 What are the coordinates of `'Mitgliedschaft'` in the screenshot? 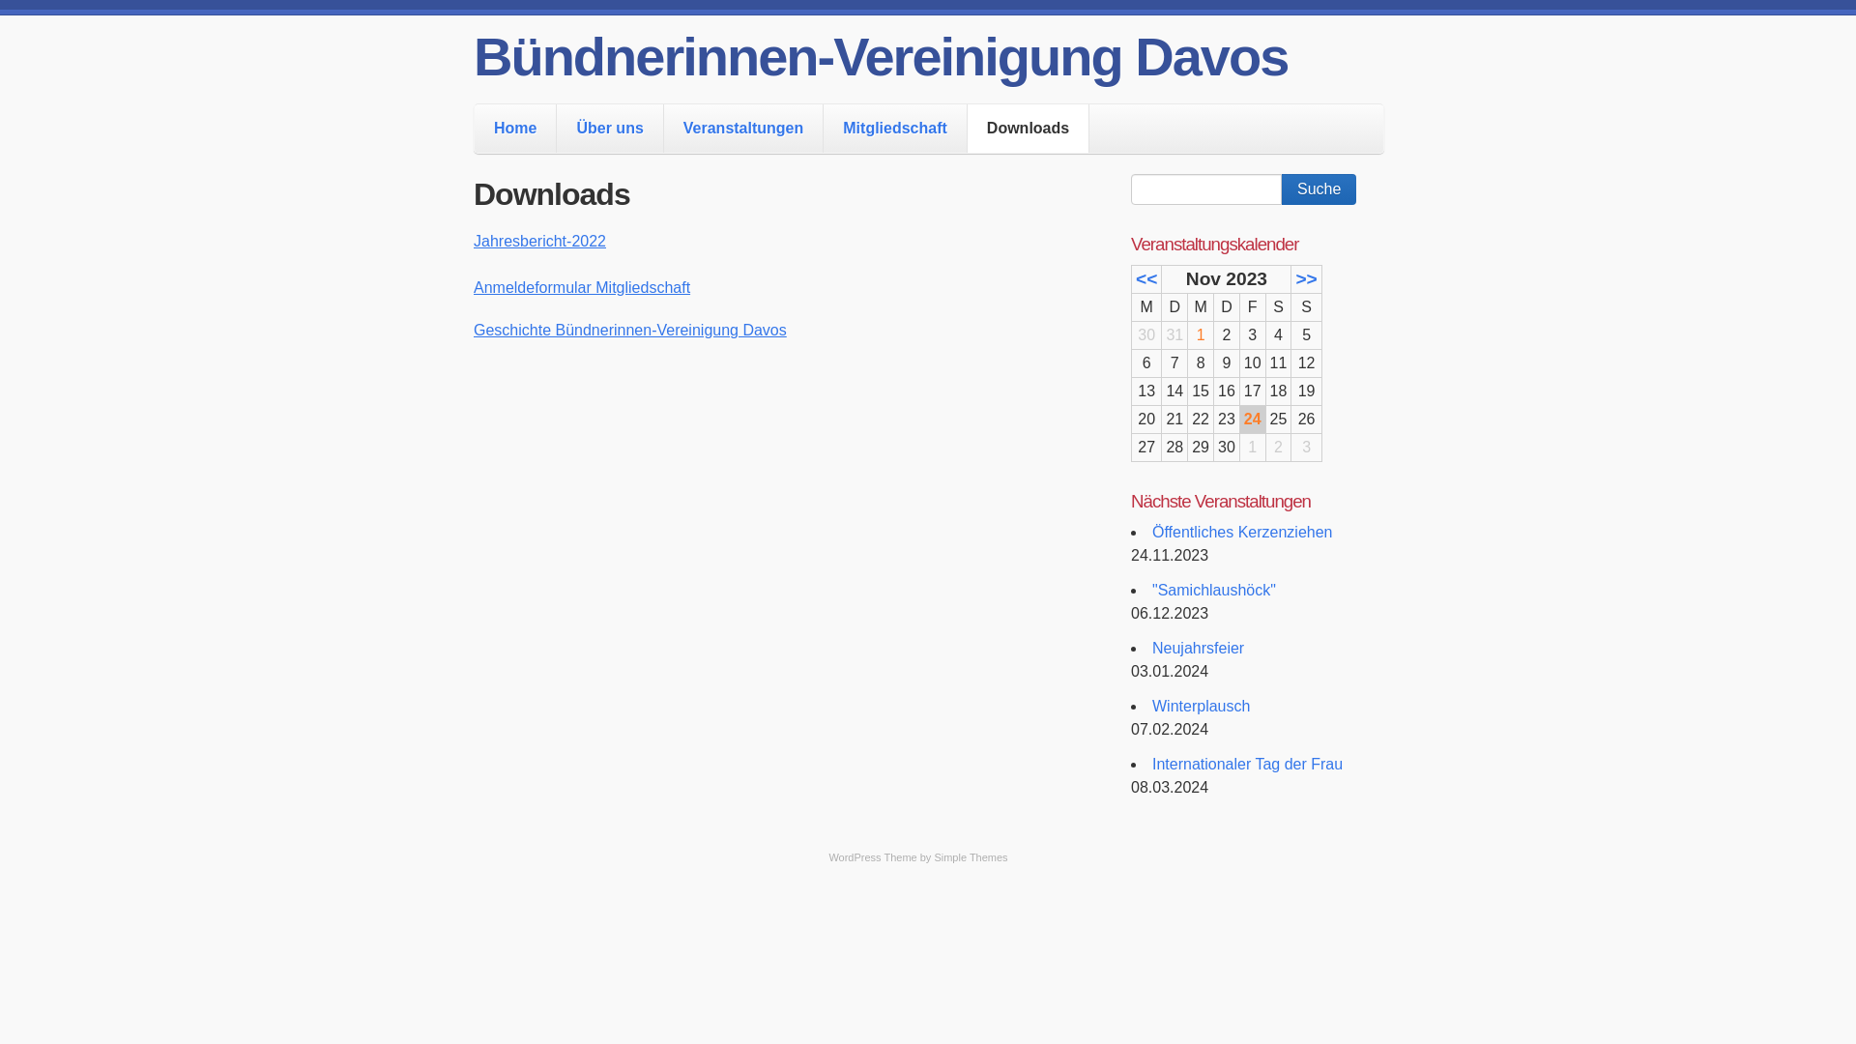 It's located at (823, 128).